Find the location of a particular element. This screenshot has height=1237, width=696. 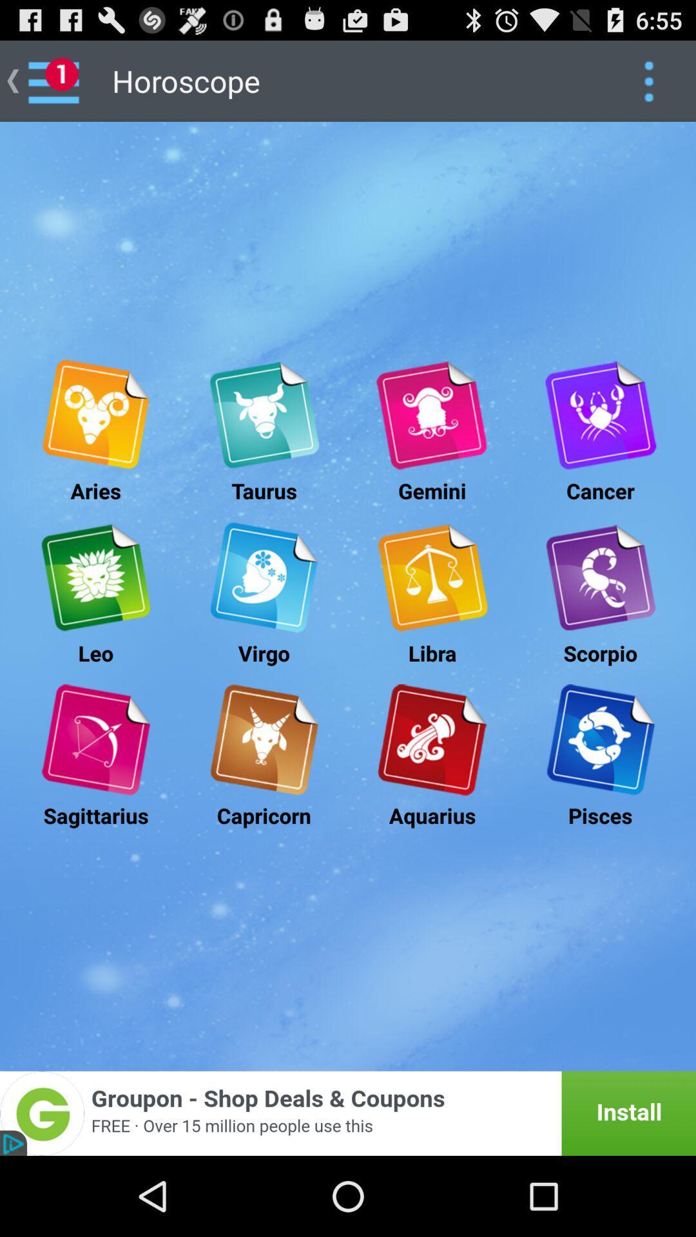

the cancer zodiac details is located at coordinates (600, 415).